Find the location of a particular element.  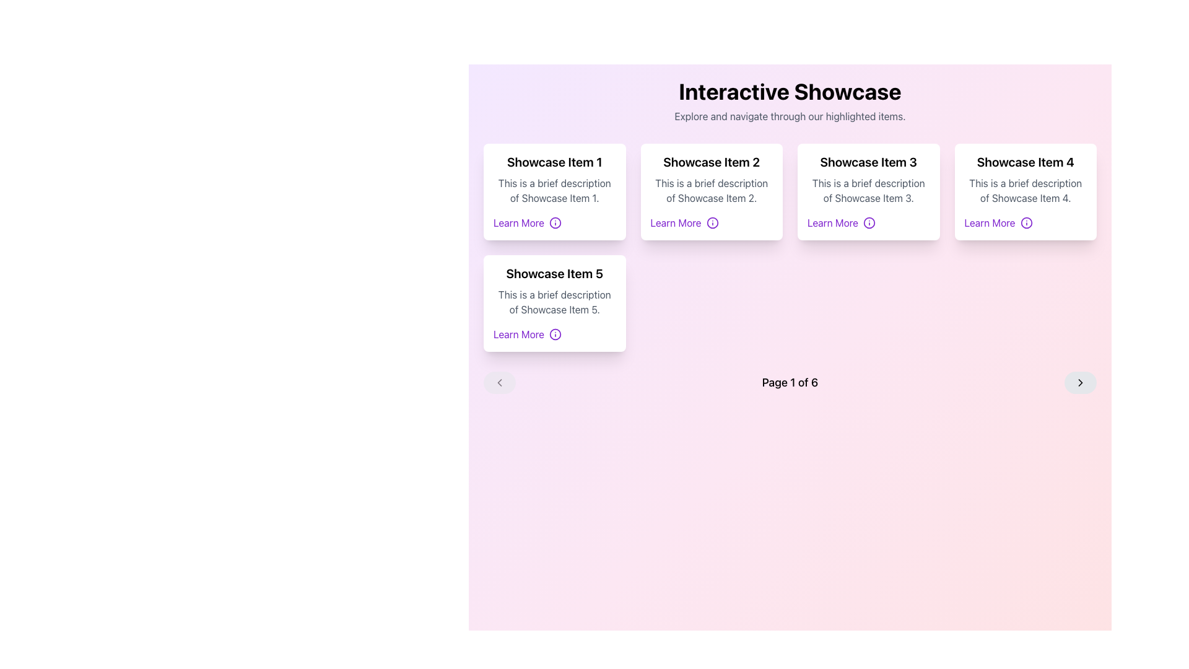

text of the heading element that marks the title of the showcase card in the second row, first column of the grid layout, located above the description of Showcase Item 5 is located at coordinates (554, 273).